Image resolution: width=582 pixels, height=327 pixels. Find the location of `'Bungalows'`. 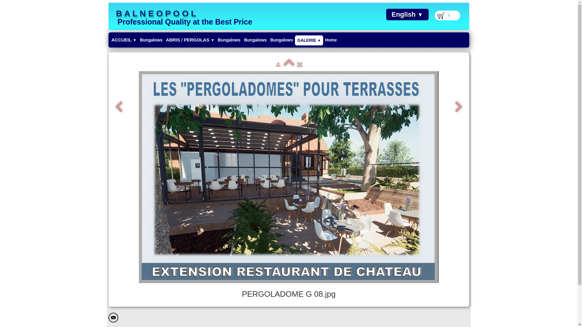

'Bungalows' is located at coordinates (255, 40).